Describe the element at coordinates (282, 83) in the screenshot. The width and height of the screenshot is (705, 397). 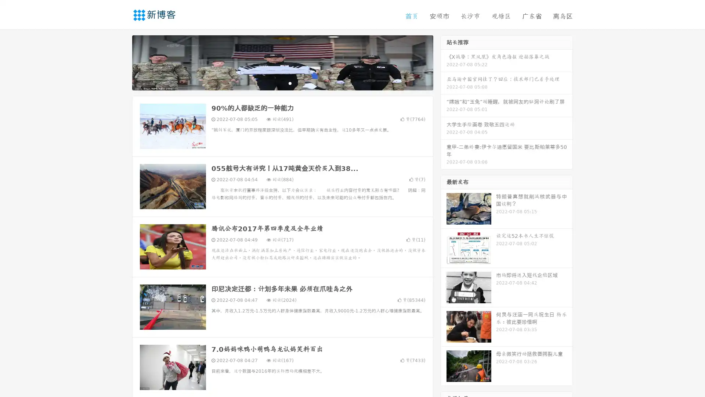
I see `Go to slide 2` at that location.